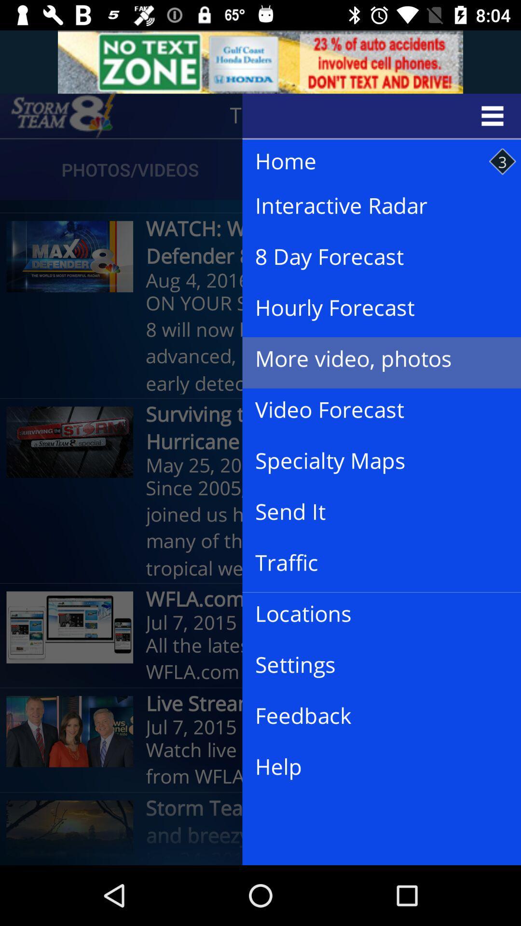  What do you see at coordinates (371, 162) in the screenshot?
I see `the item to the right of photos/videos` at bounding box center [371, 162].